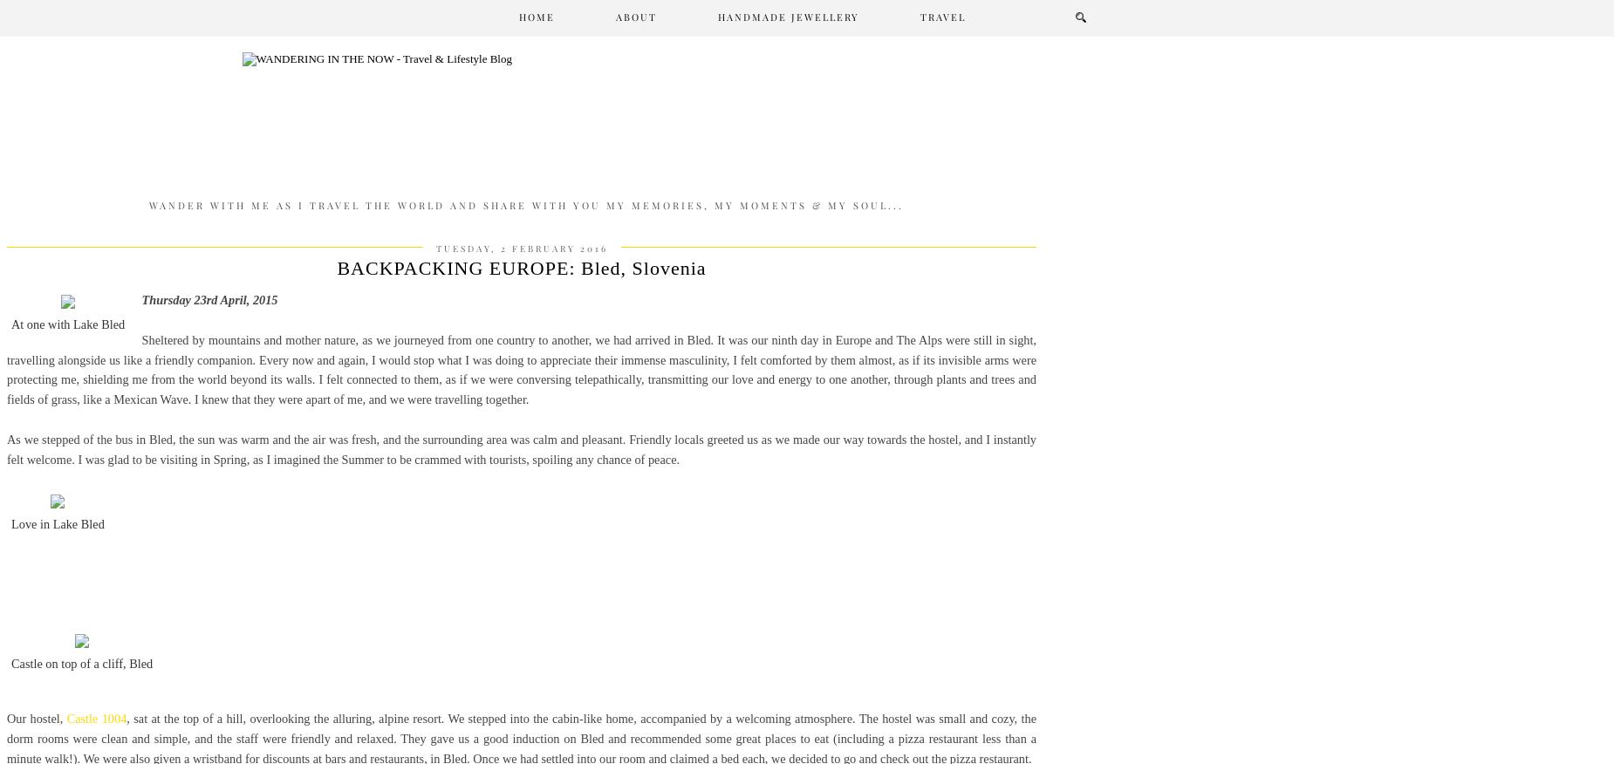 This screenshot has height=764, width=1621. I want to click on 'Love in Lake Bled', so click(56, 522).